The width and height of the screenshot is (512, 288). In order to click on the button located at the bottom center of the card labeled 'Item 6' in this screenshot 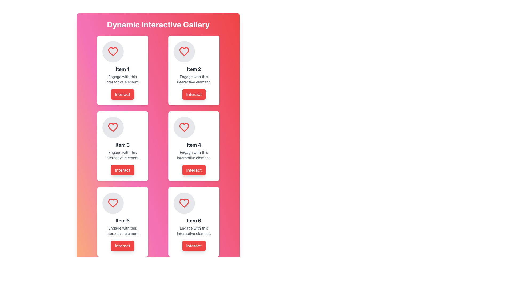, I will do `click(193, 246)`.